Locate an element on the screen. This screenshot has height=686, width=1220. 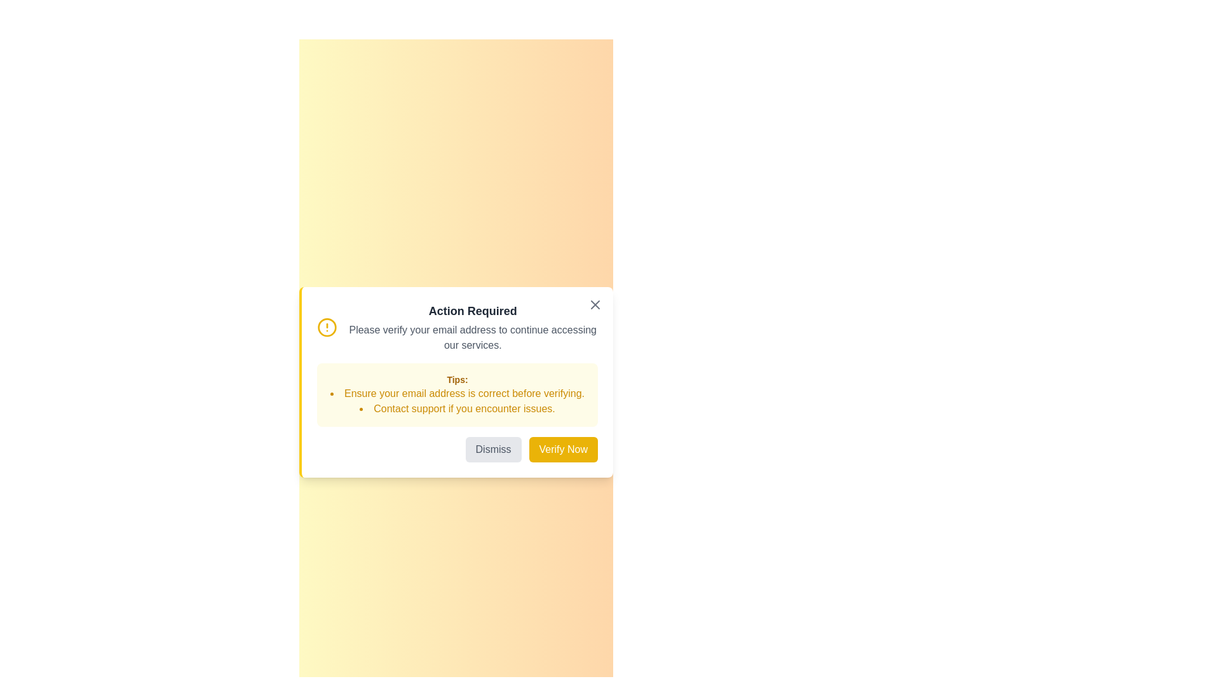
the 'Dismiss' button to close the alert is located at coordinates (492, 449).